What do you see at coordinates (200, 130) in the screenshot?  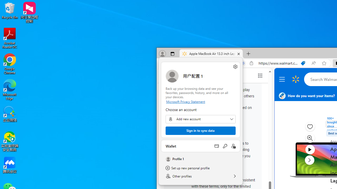 I see `'Sign in to sync data'` at bounding box center [200, 130].